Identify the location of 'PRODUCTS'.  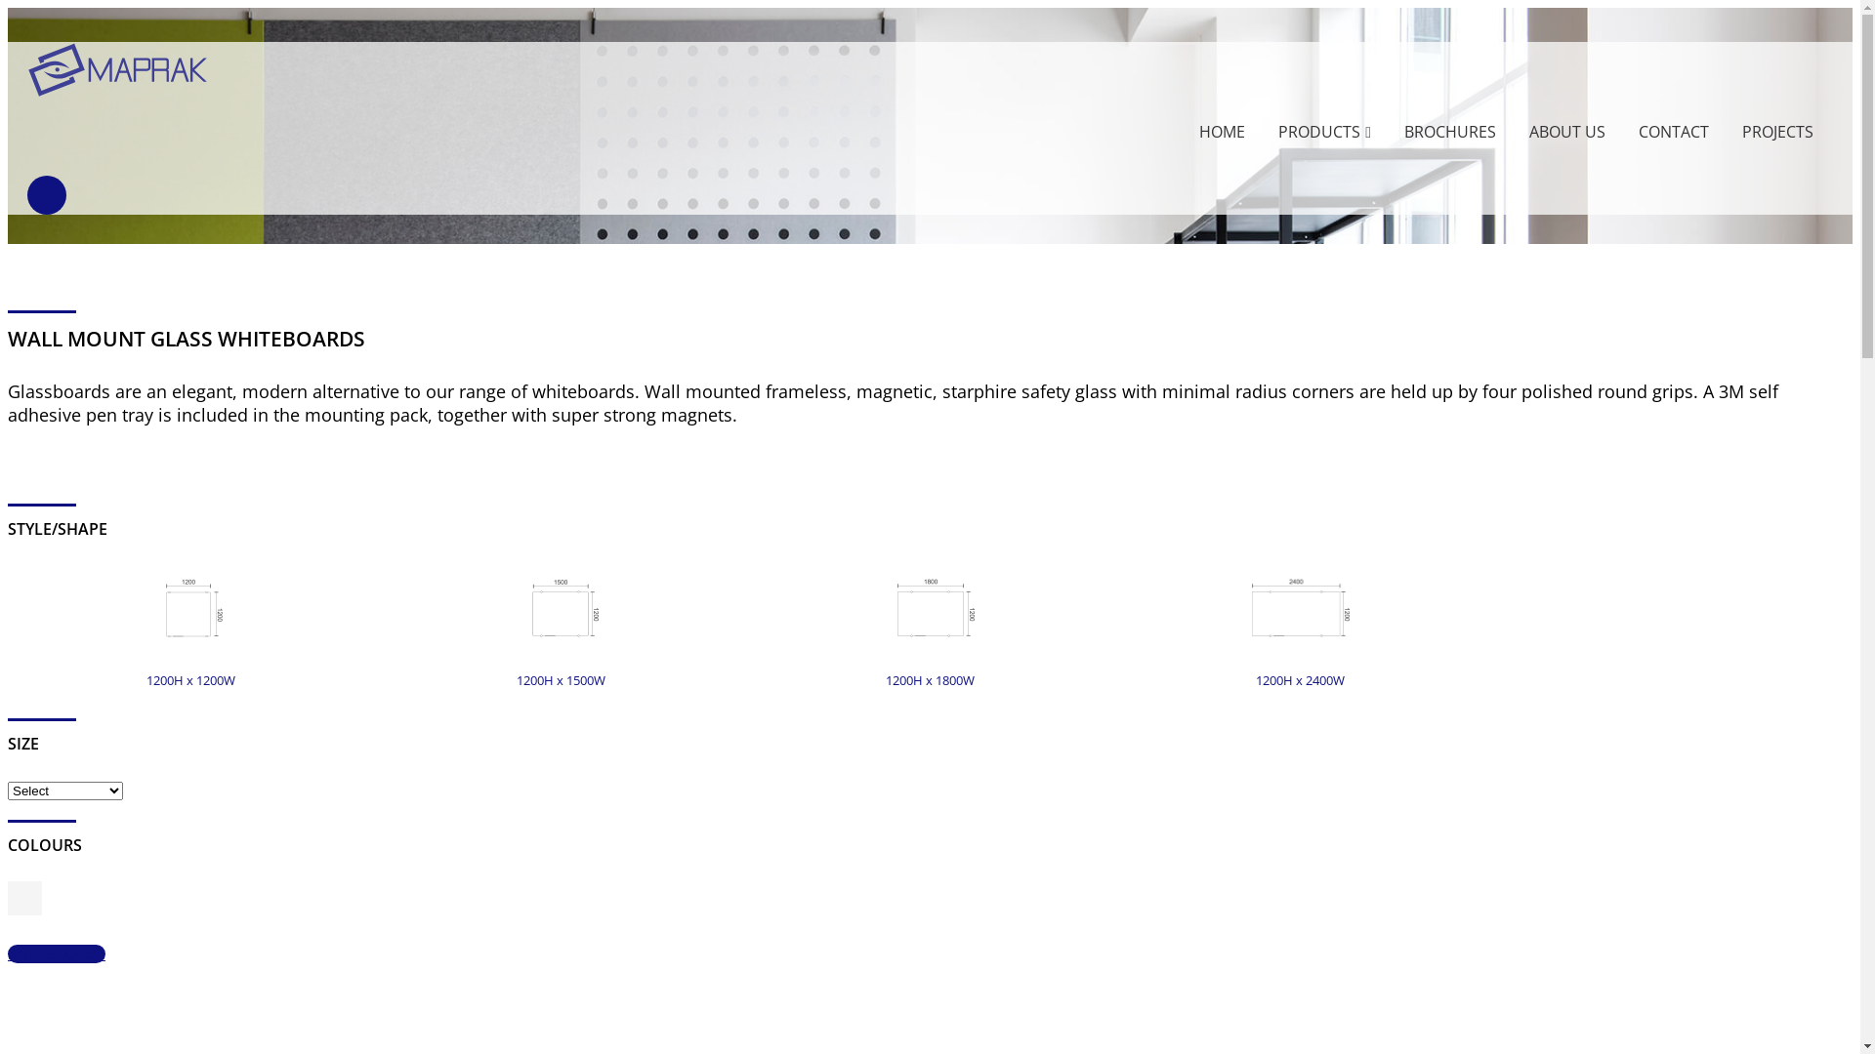
(1324, 132).